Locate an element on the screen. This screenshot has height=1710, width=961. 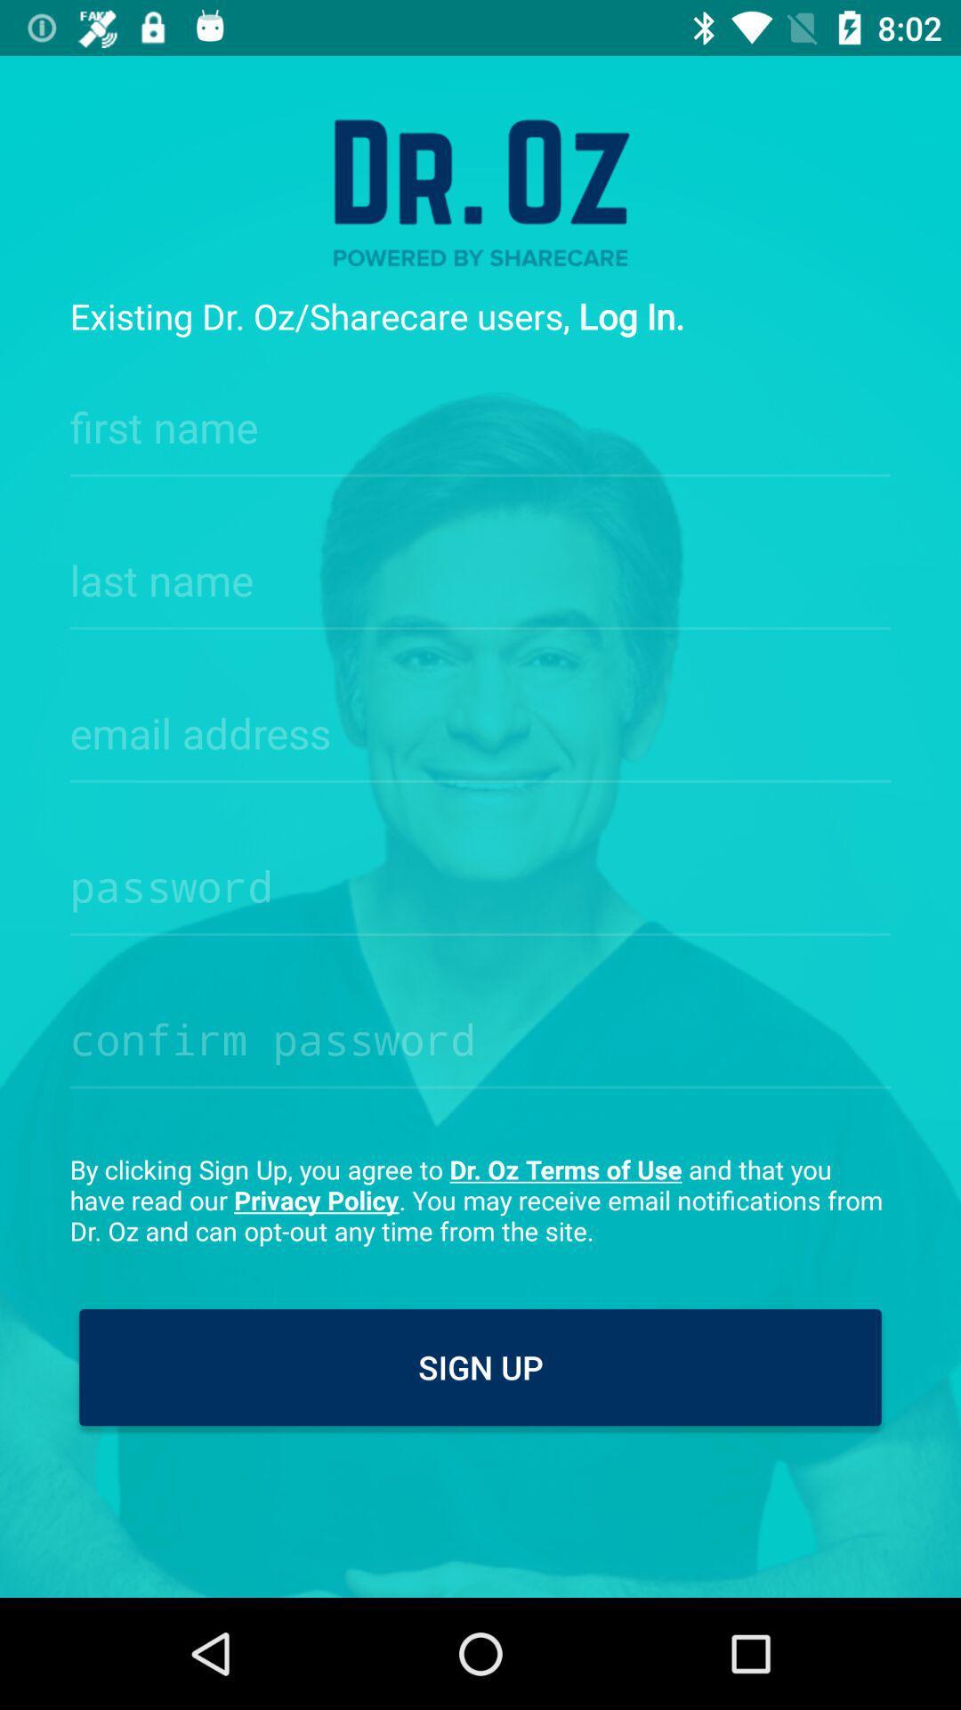
email address is located at coordinates (480, 728).